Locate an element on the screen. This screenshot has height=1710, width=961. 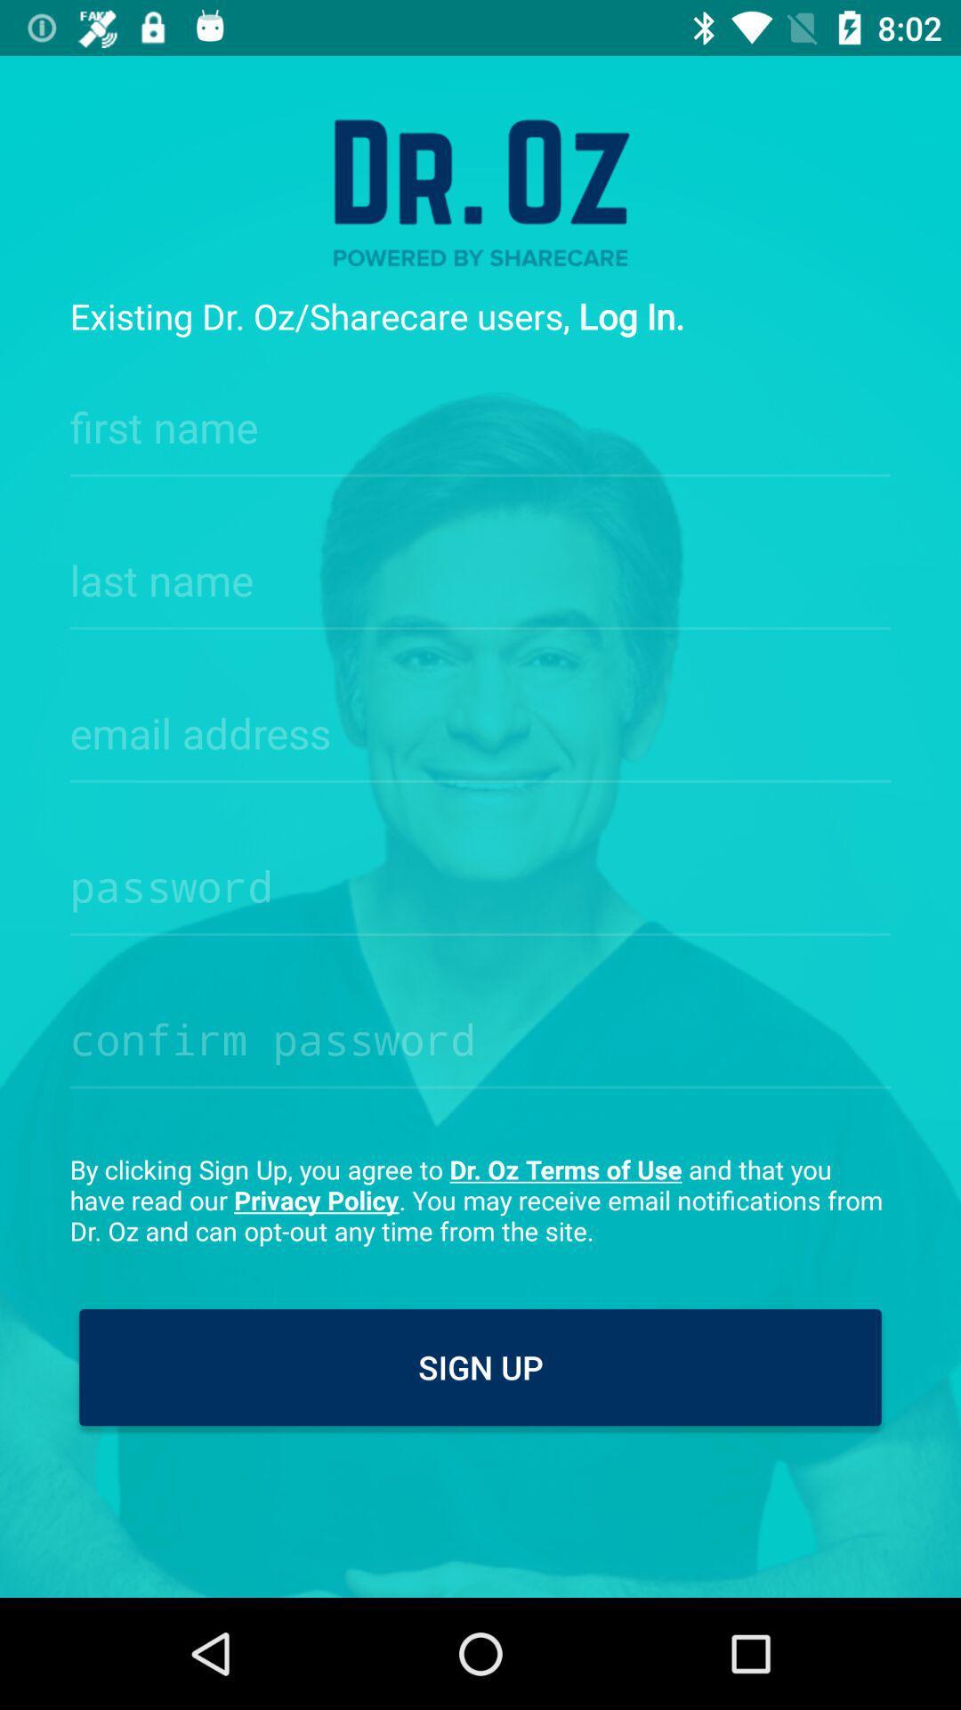
email address is located at coordinates (480, 728).